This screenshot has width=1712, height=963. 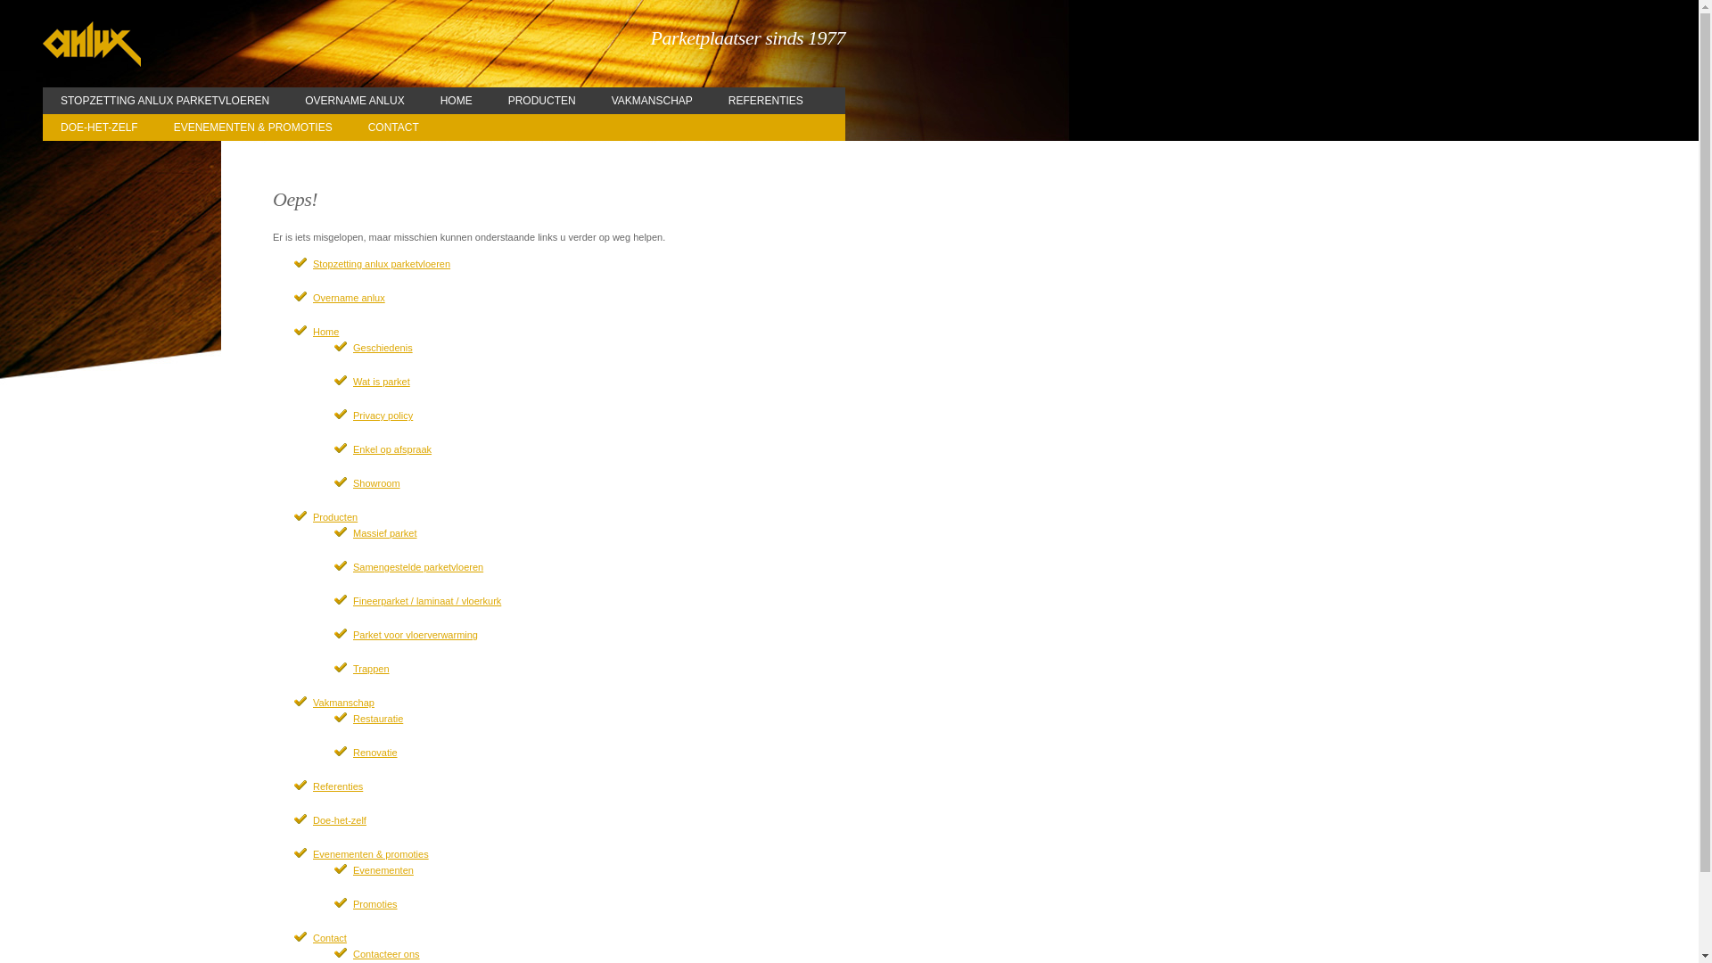 What do you see at coordinates (375, 483) in the screenshot?
I see `'Showroom'` at bounding box center [375, 483].